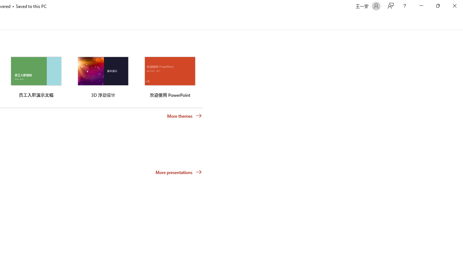 The image size is (463, 260). I want to click on 'More presentations', so click(179, 172).